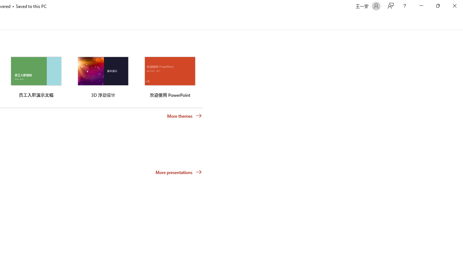 The image size is (463, 260). I want to click on 'More presentations', so click(179, 172).